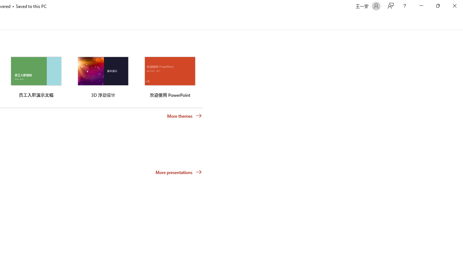 The image size is (463, 260). I want to click on 'More presentations', so click(179, 172).